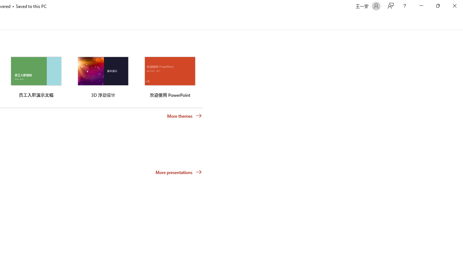 The image size is (463, 260). I want to click on 'More presentations', so click(179, 172).